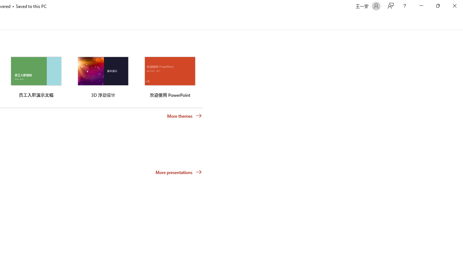 The image size is (463, 260). I want to click on 'More presentations', so click(179, 172).